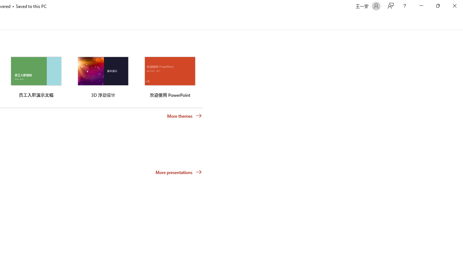 The image size is (463, 260). I want to click on 'More presentations', so click(179, 172).